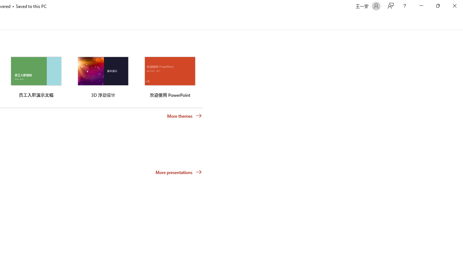 The image size is (463, 260). I want to click on 'More presentations', so click(179, 172).